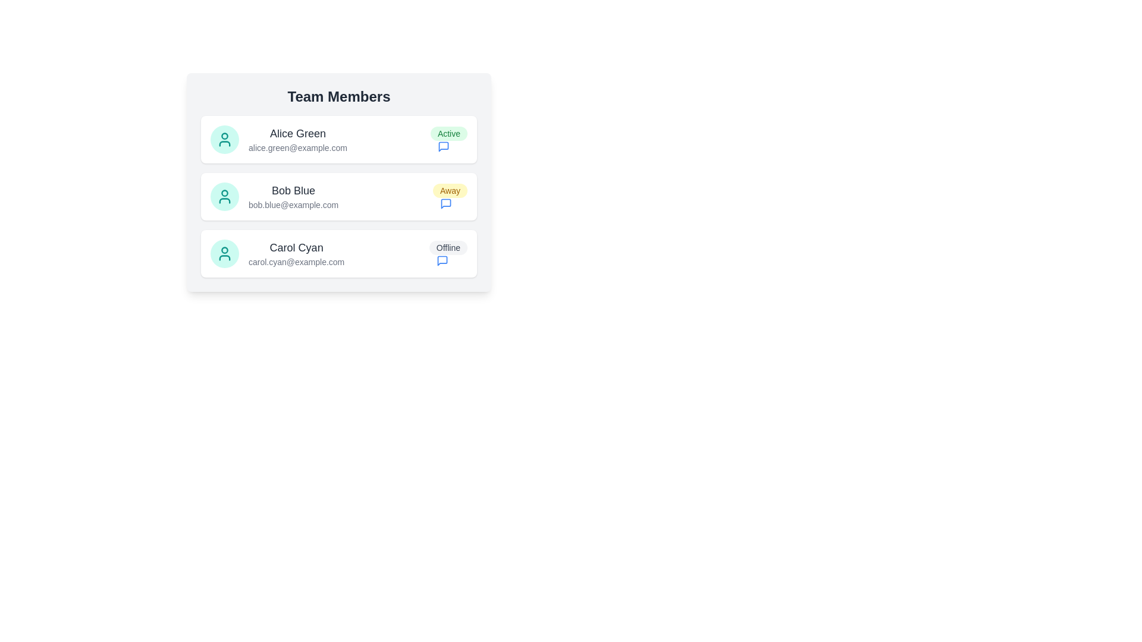 The image size is (1142, 642). What do you see at coordinates (448, 133) in the screenshot?
I see `the 'Active' status badge located to the right of the user's name 'Alice Green' and email address` at bounding box center [448, 133].